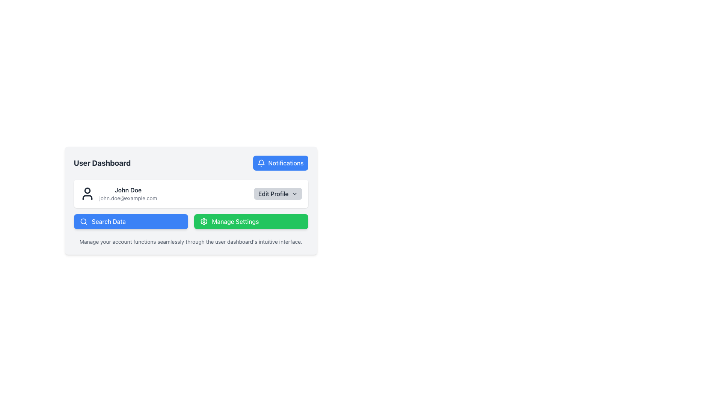 The width and height of the screenshot is (721, 405). What do you see at coordinates (191, 241) in the screenshot?
I see `the static text element that reads 'Manage your account functions seamlessly through the user dashboard's intuitive interface.' located within the user dashboard section, below the 'Search Data' and 'Manage Settings' buttons` at bounding box center [191, 241].